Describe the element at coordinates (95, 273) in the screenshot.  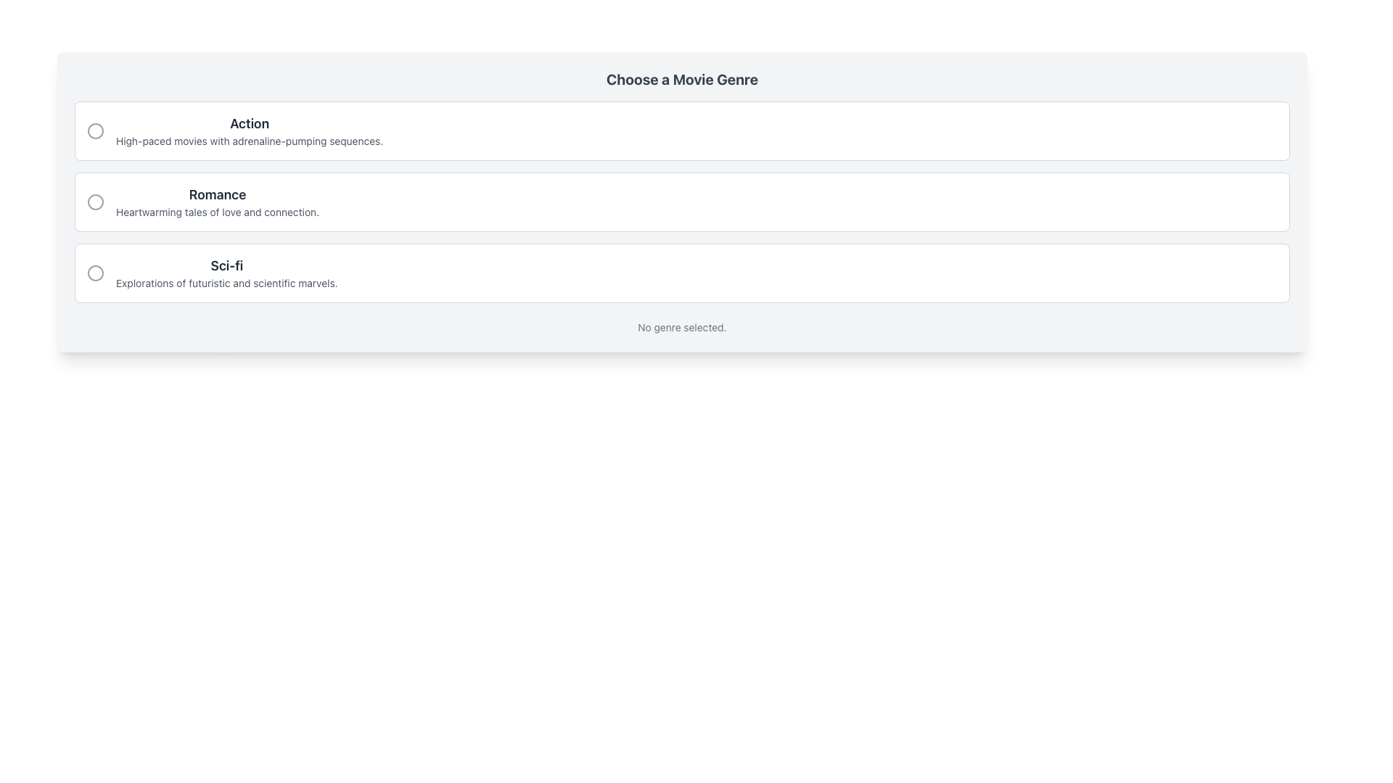
I see `the center of the circular radio button indicator located to the left of the 'Sci-fi' option` at that location.